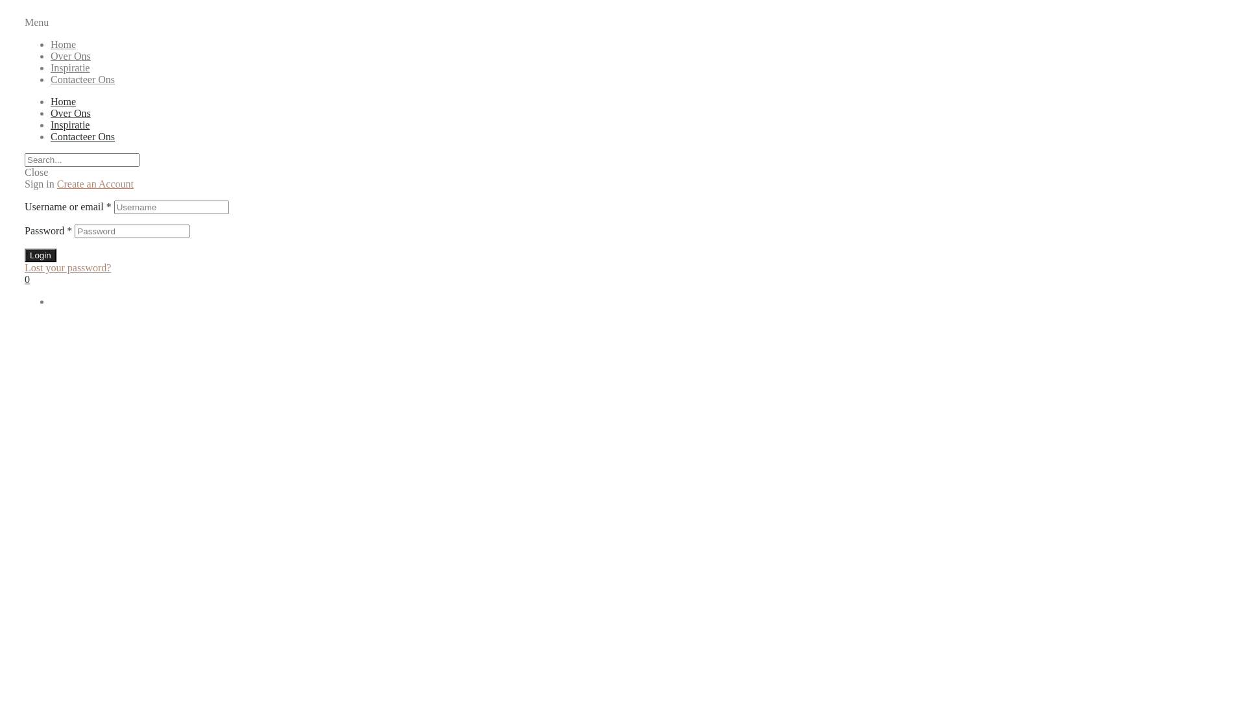  Describe the element at coordinates (69, 125) in the screenshot. I see `'Inspiratie'` at that location.